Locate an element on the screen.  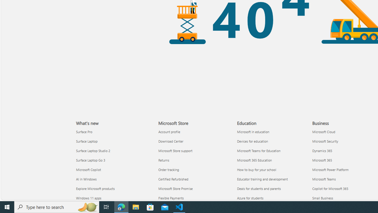
'Certified Refurbished' is located at coordinates (194, 179).